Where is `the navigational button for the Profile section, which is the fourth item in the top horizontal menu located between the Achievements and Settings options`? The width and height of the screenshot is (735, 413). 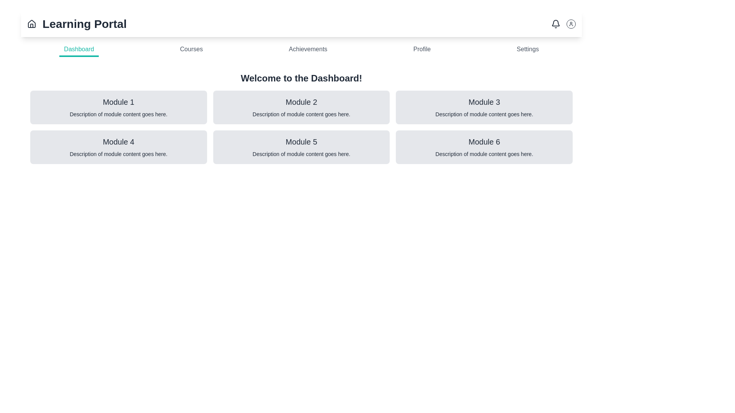 the navigational button for the Profile section, which is the fourth item in the top horizontal menu located between the Achievements and Settings options is located at coordinates (421, 50).